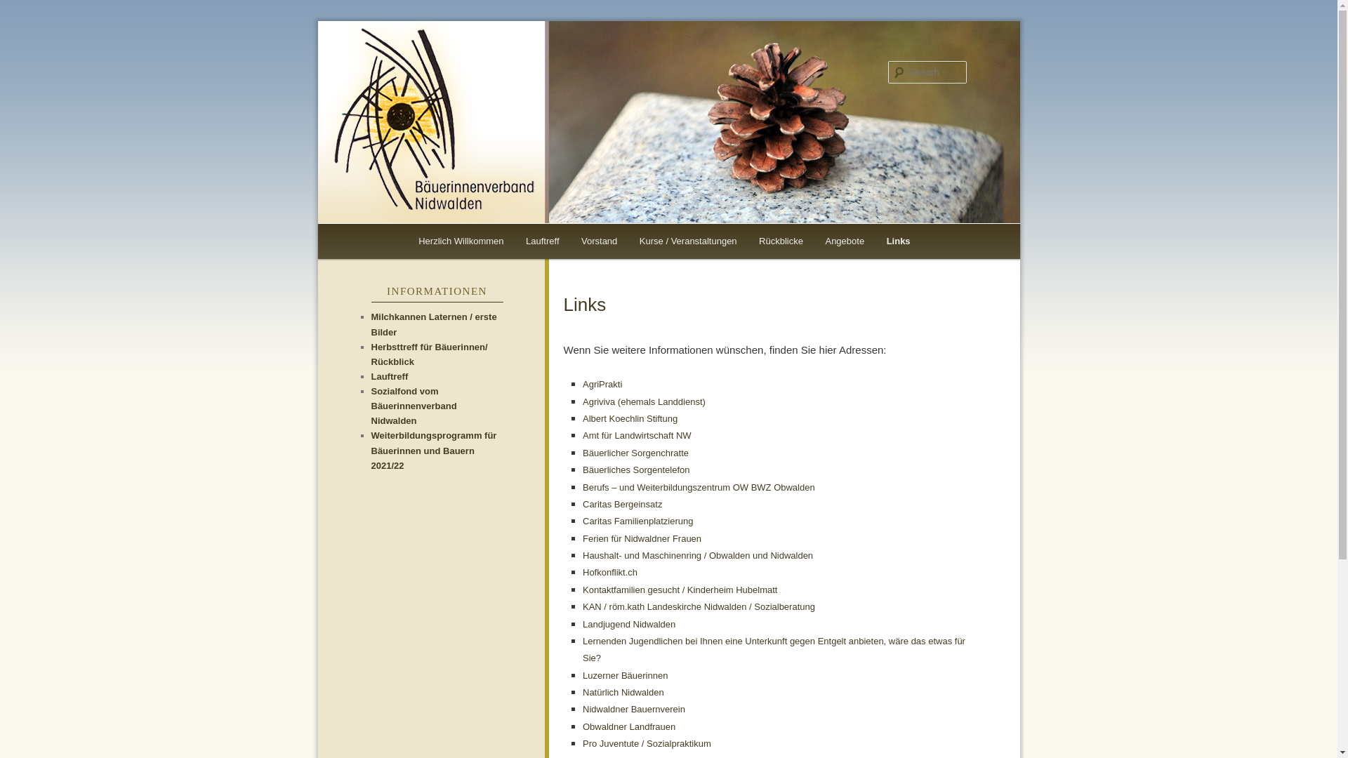  Describe the element at coordinates (602, 384) in the screenshot. I see `'AgriPrakti'` at that location.